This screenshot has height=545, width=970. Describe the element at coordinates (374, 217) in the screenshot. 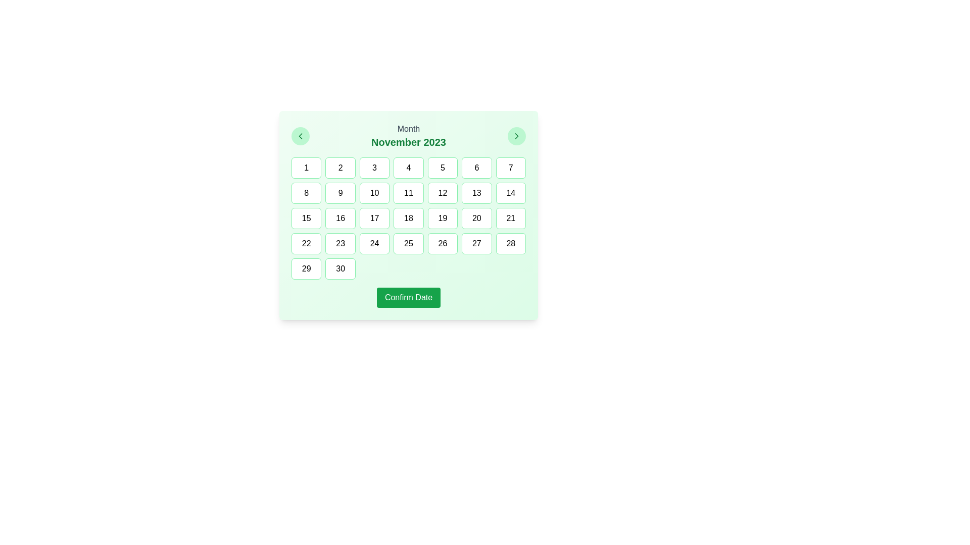

I see `the button displaying the number '17' with a white background and green border in the calendar grid layout` at that location.